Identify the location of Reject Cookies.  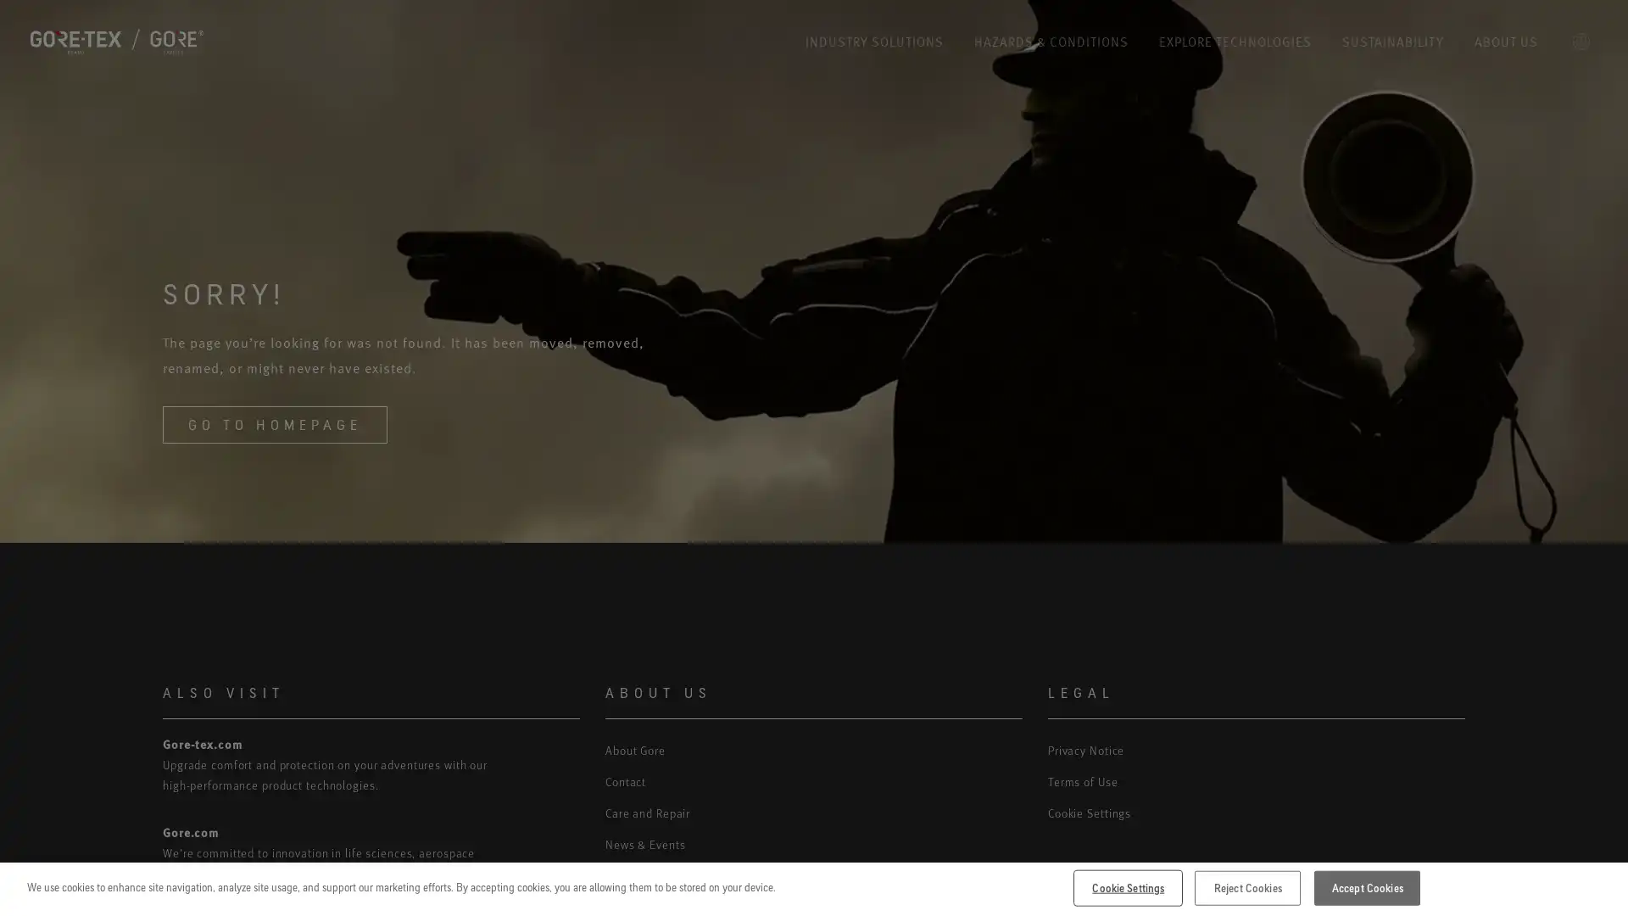
(1247, 886).